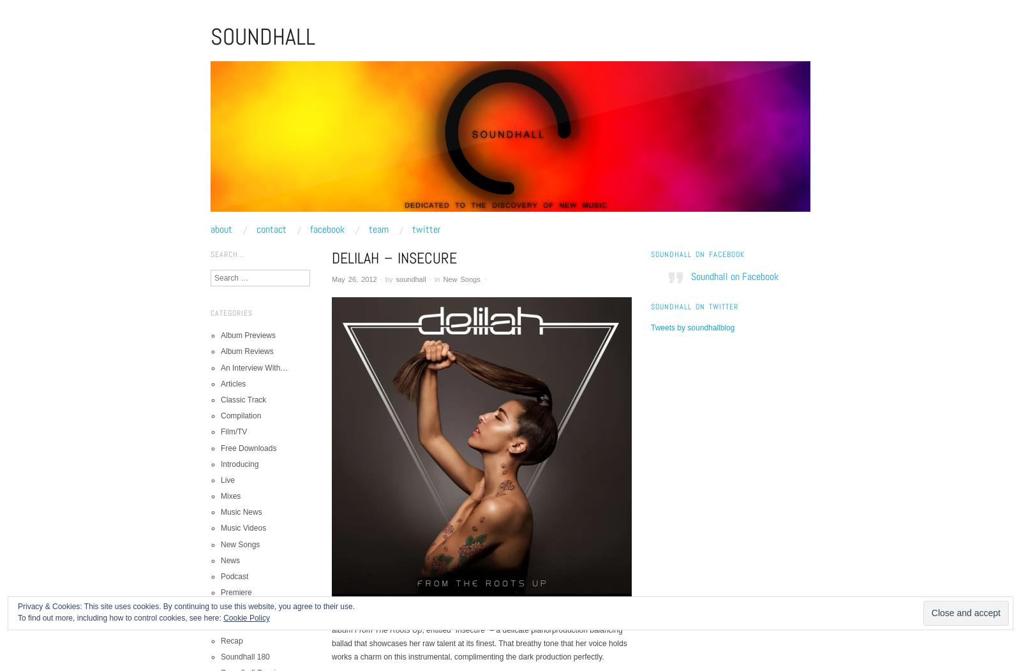 The image size is (1021, 671). Describe the element at coordinates (388, 630) in the screenshot. I see `'From The Roots Up'` at that location.